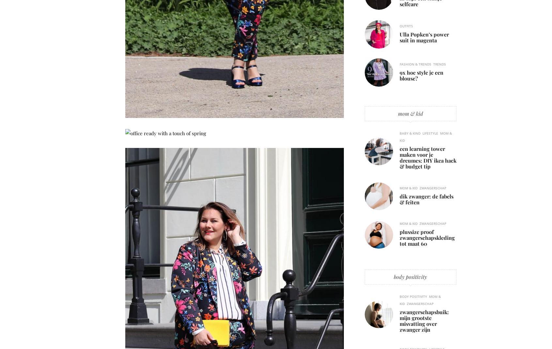 The height and width of the screenshot is (349, 552). I want to click on 'zwangerschapsbuik: mijn grootste misvatting over zwanger zijn', so click(424, 320).